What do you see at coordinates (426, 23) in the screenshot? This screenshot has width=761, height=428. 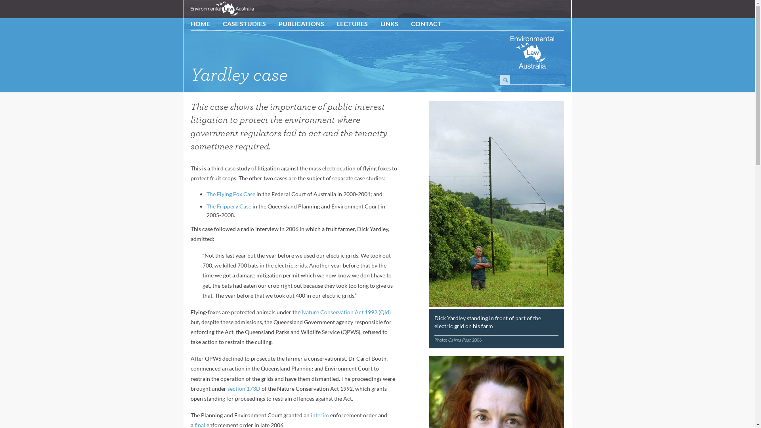 I see `'CONTACT'` at bounding box center [426, 23].